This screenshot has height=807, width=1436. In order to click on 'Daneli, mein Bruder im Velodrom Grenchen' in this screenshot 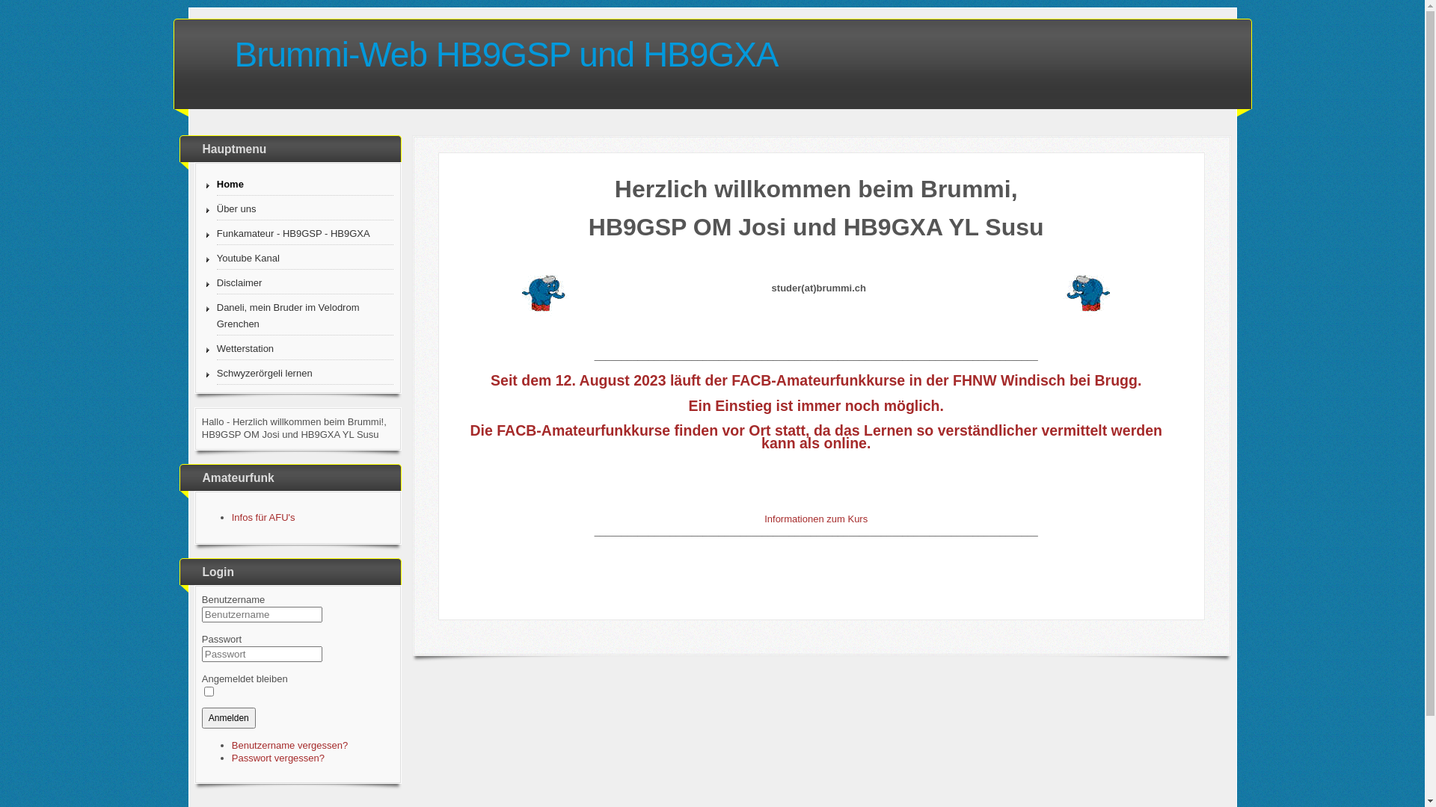, I will do `click(215, 315)`.